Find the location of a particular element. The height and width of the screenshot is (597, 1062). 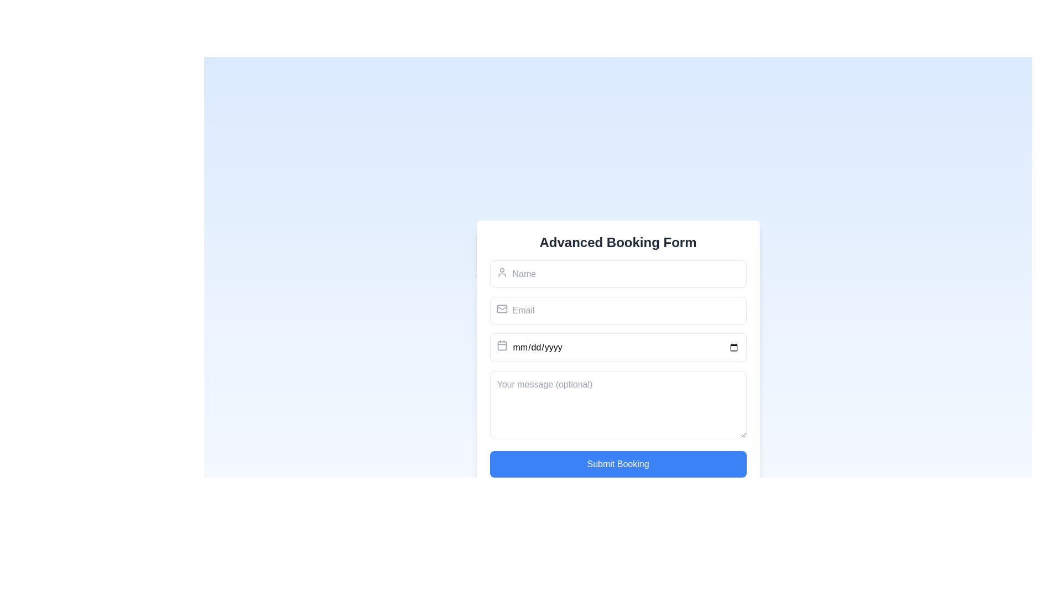

to focus into the email input field located below the 'Name' input field and above the date input field in the form is located at coordinates (617, 310).